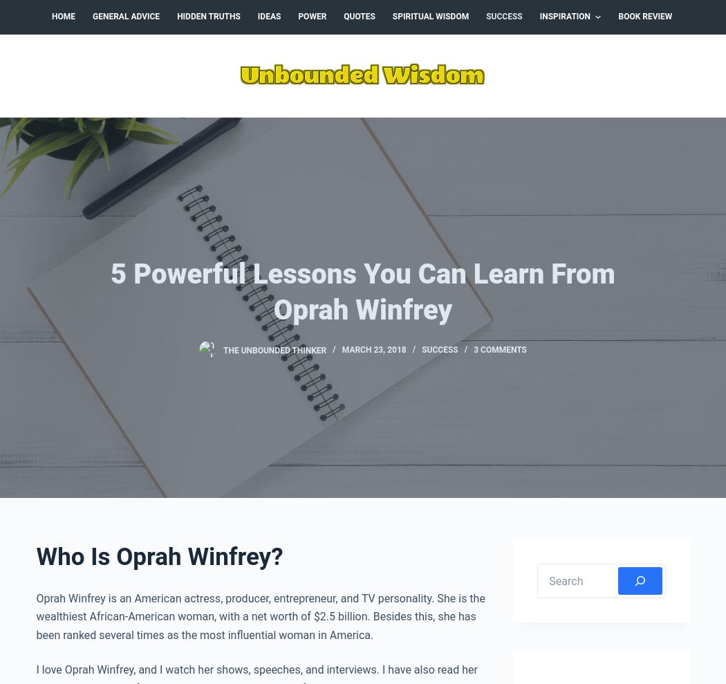 Image resolution: width=726 pixels, height=684 pixels. What do you see at coordinates (507, 621) in the screenshot?
I see `'January 8, 2019 / 9:24 pm'` at bounding box center [507, 621].